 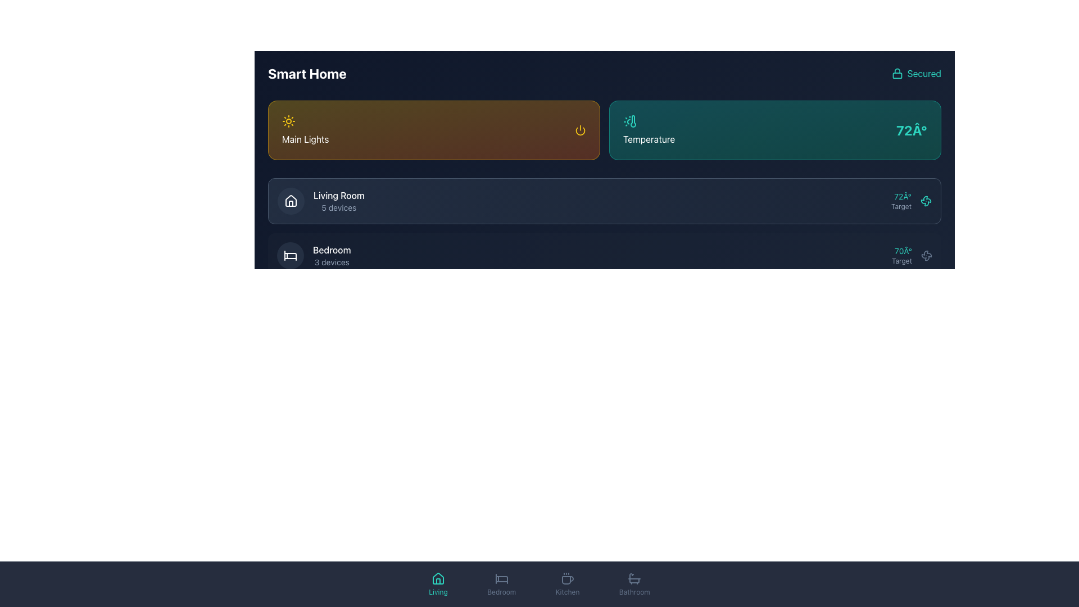 What do you see at coordinates (604, 201) in the screenshot?
I see `the 'Living Room' Card component` at bounding box center [604, 201].